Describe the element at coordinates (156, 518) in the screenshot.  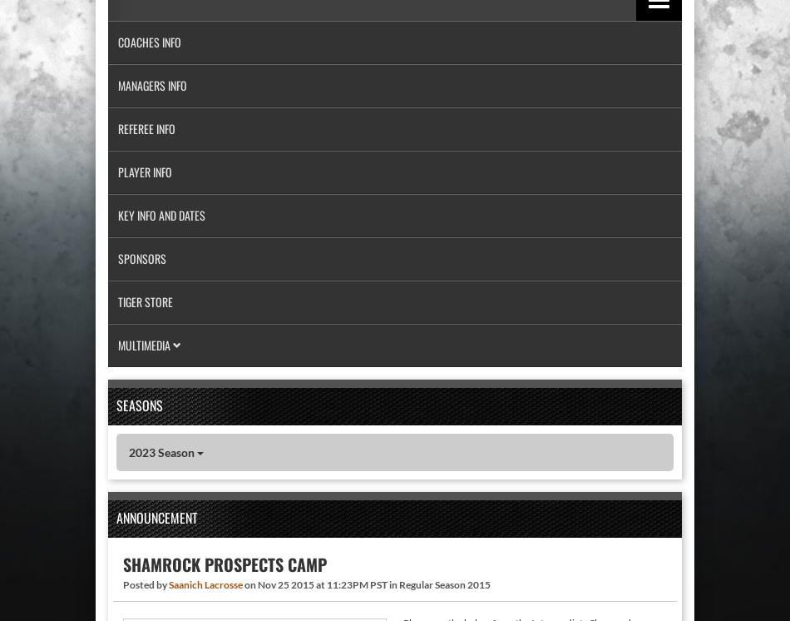
I see `'Announcement'` at that location.